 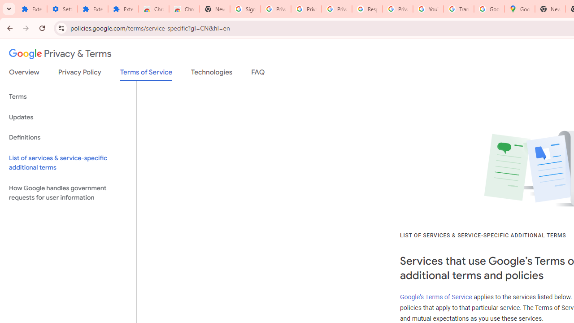 I want to click on 'Definitions', so click(x=68, y=137).